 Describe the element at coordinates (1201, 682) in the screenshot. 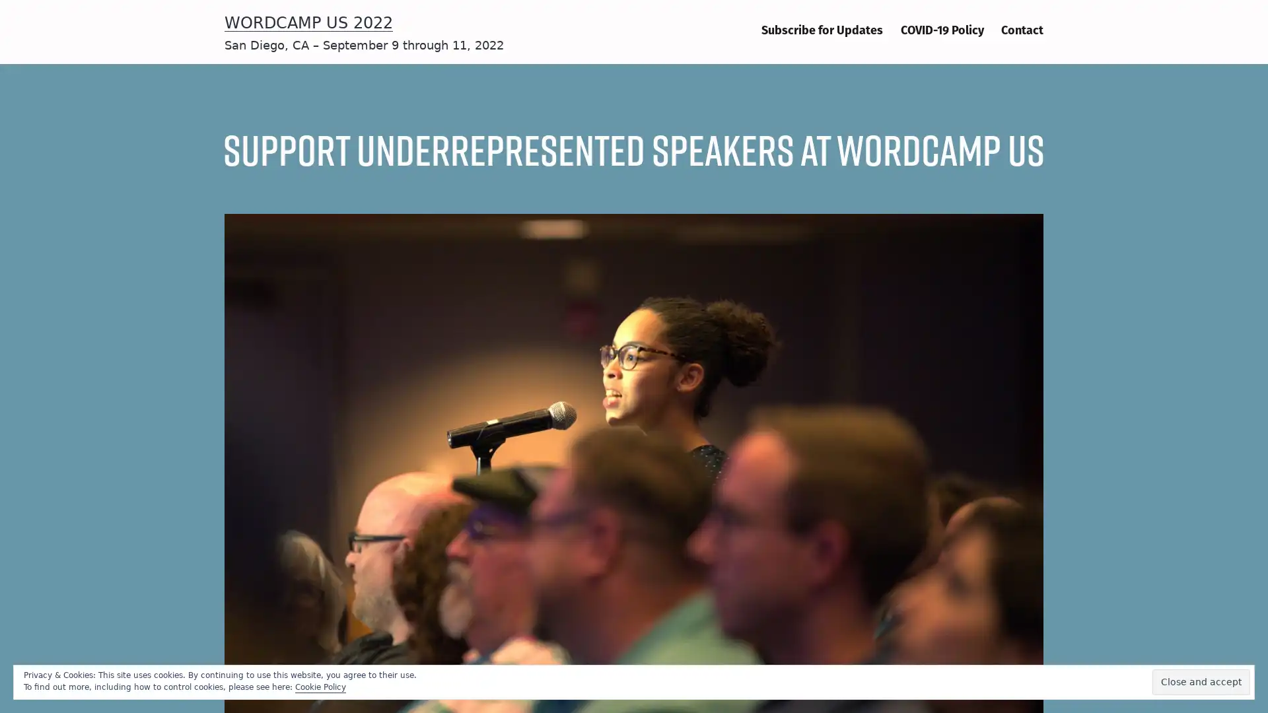

I see `Close and accept` at that location.